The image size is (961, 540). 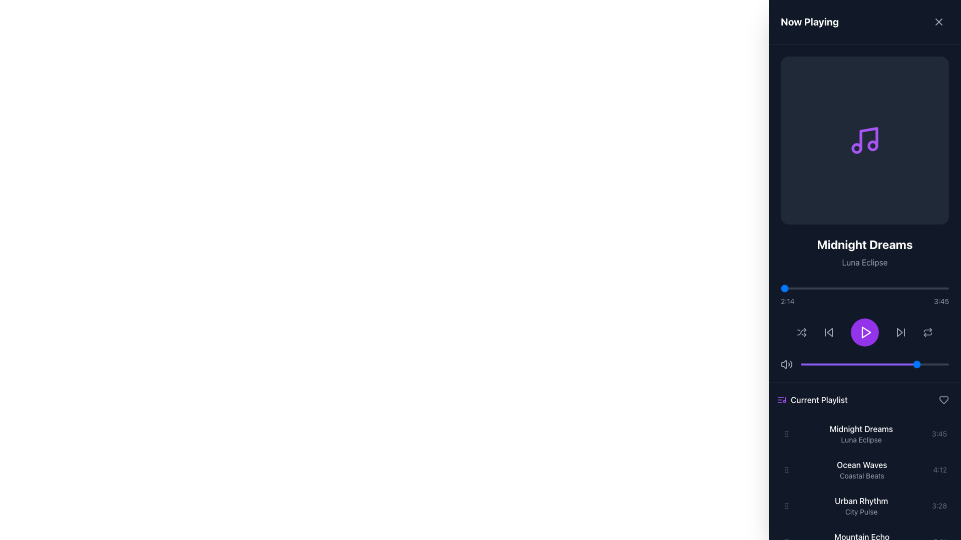 What do you see at coordinates (809, 21) in the screenshot?
I see `the 'Now Playing' header text label located on the left side of the header panel, adjacent to the close button` at bounding box center [809, 21].